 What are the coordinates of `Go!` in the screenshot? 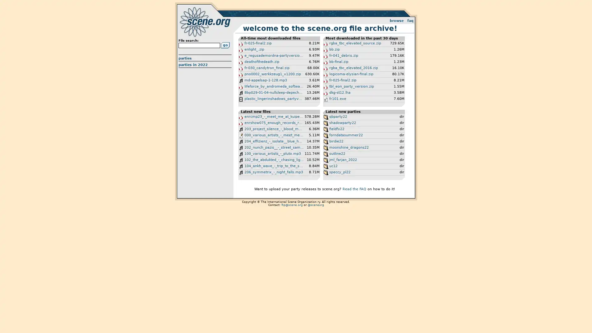 It's located at (224, 45).